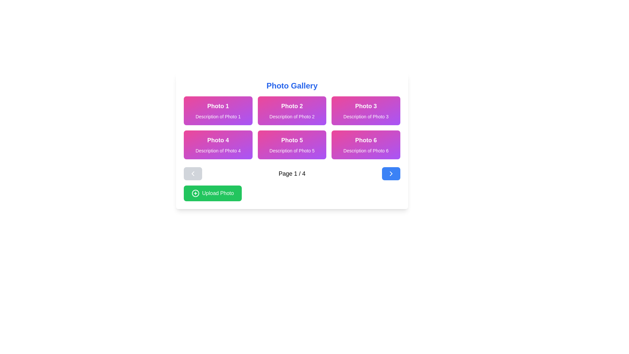 This screenshot has height=354, width=629. Describe the element at coordinates (292, 173) in the screenshot. I see `the Text label indicating the current page in the pagination system located at the bottom middle of the 'Photo Gallery' section, above the 'Upload Photo' button` at that location.